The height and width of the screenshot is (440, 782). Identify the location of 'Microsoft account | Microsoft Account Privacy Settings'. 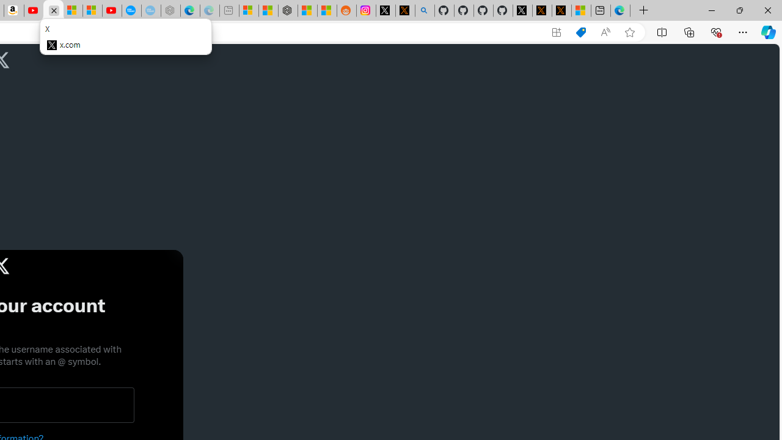
(248, 10).